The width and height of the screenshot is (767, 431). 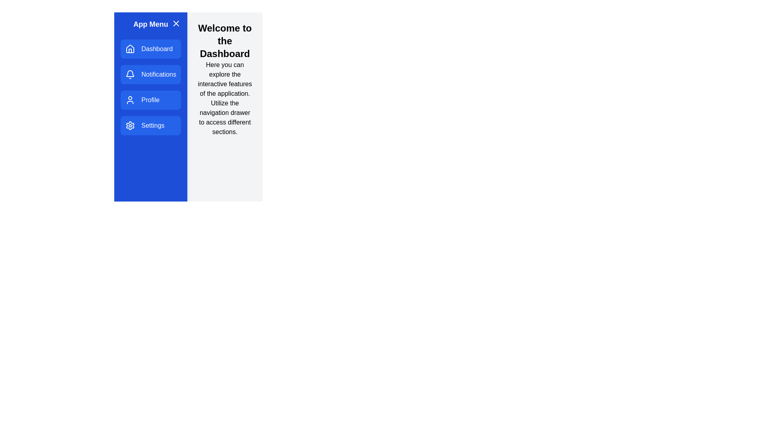 What do you see at coordinates (225, 98) in the screenshot?
I see `the text block element that provides explanatory or instructional messages about the interactive features of the application, located below the 'Welcome to the Dashboard' title` at bounding box center [225, 98].